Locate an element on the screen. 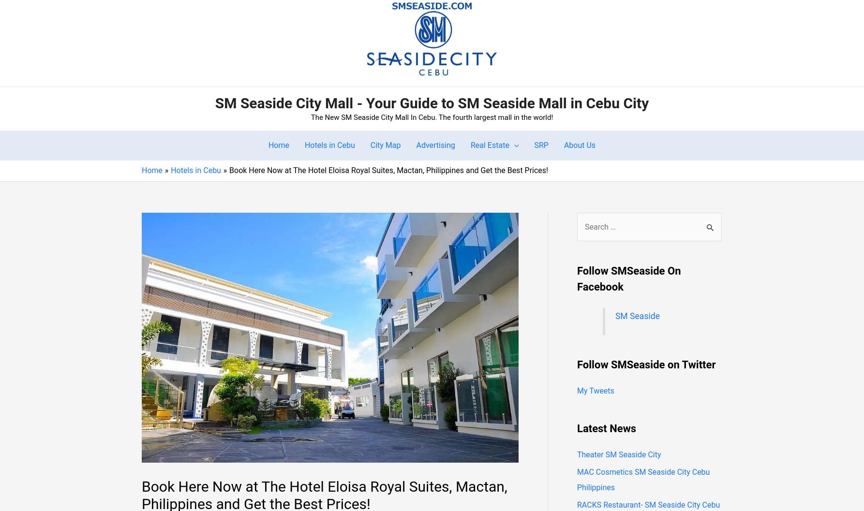 This screenshot has height=511, width=864. 'SRP' is located at coordinates (540, 145).